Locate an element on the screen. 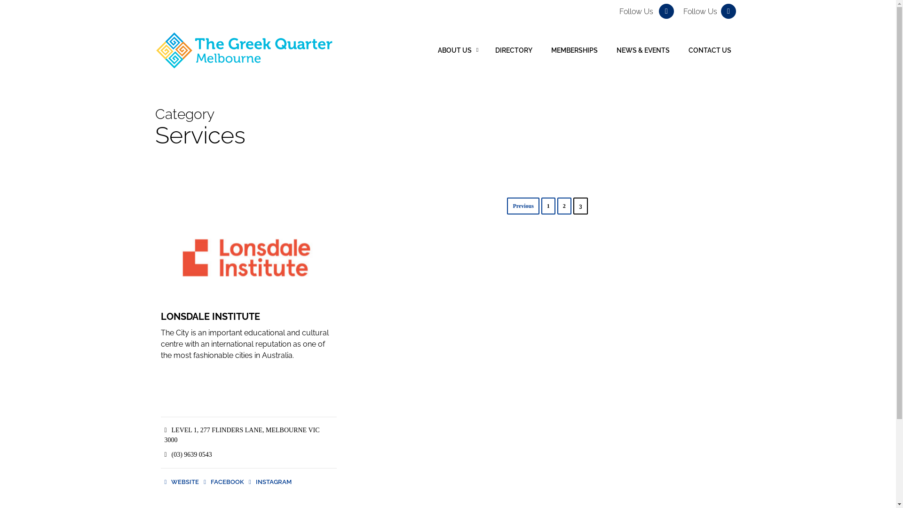 This screenshot has height=508, width=903. 'ABOUT US' is located at coordinates (457, 50).